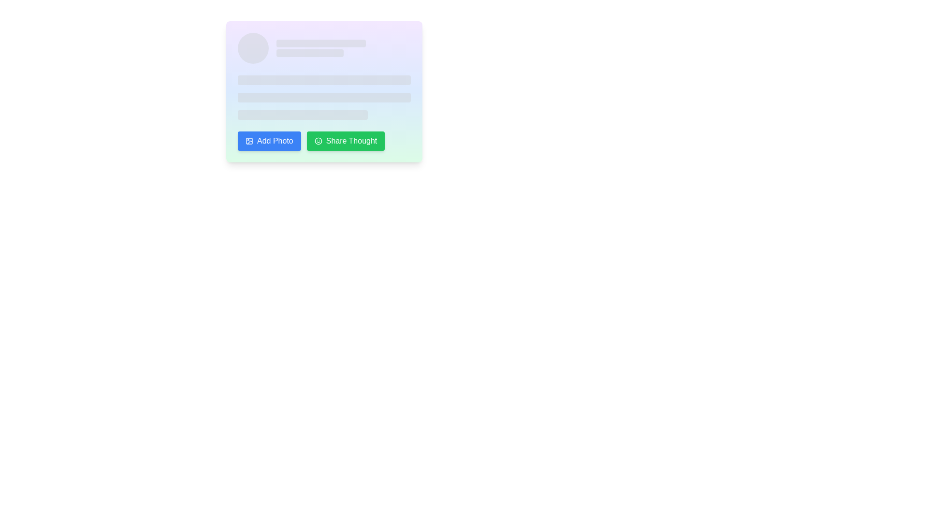 The width and height of the screenshot is (928, 522). What do you see at coordinates (324, 97) in the screenshot?
I see `the Content placeholder group located centrally in the card, which indicates loading content and is positioned below the title area` at bounding box center [324, 97].